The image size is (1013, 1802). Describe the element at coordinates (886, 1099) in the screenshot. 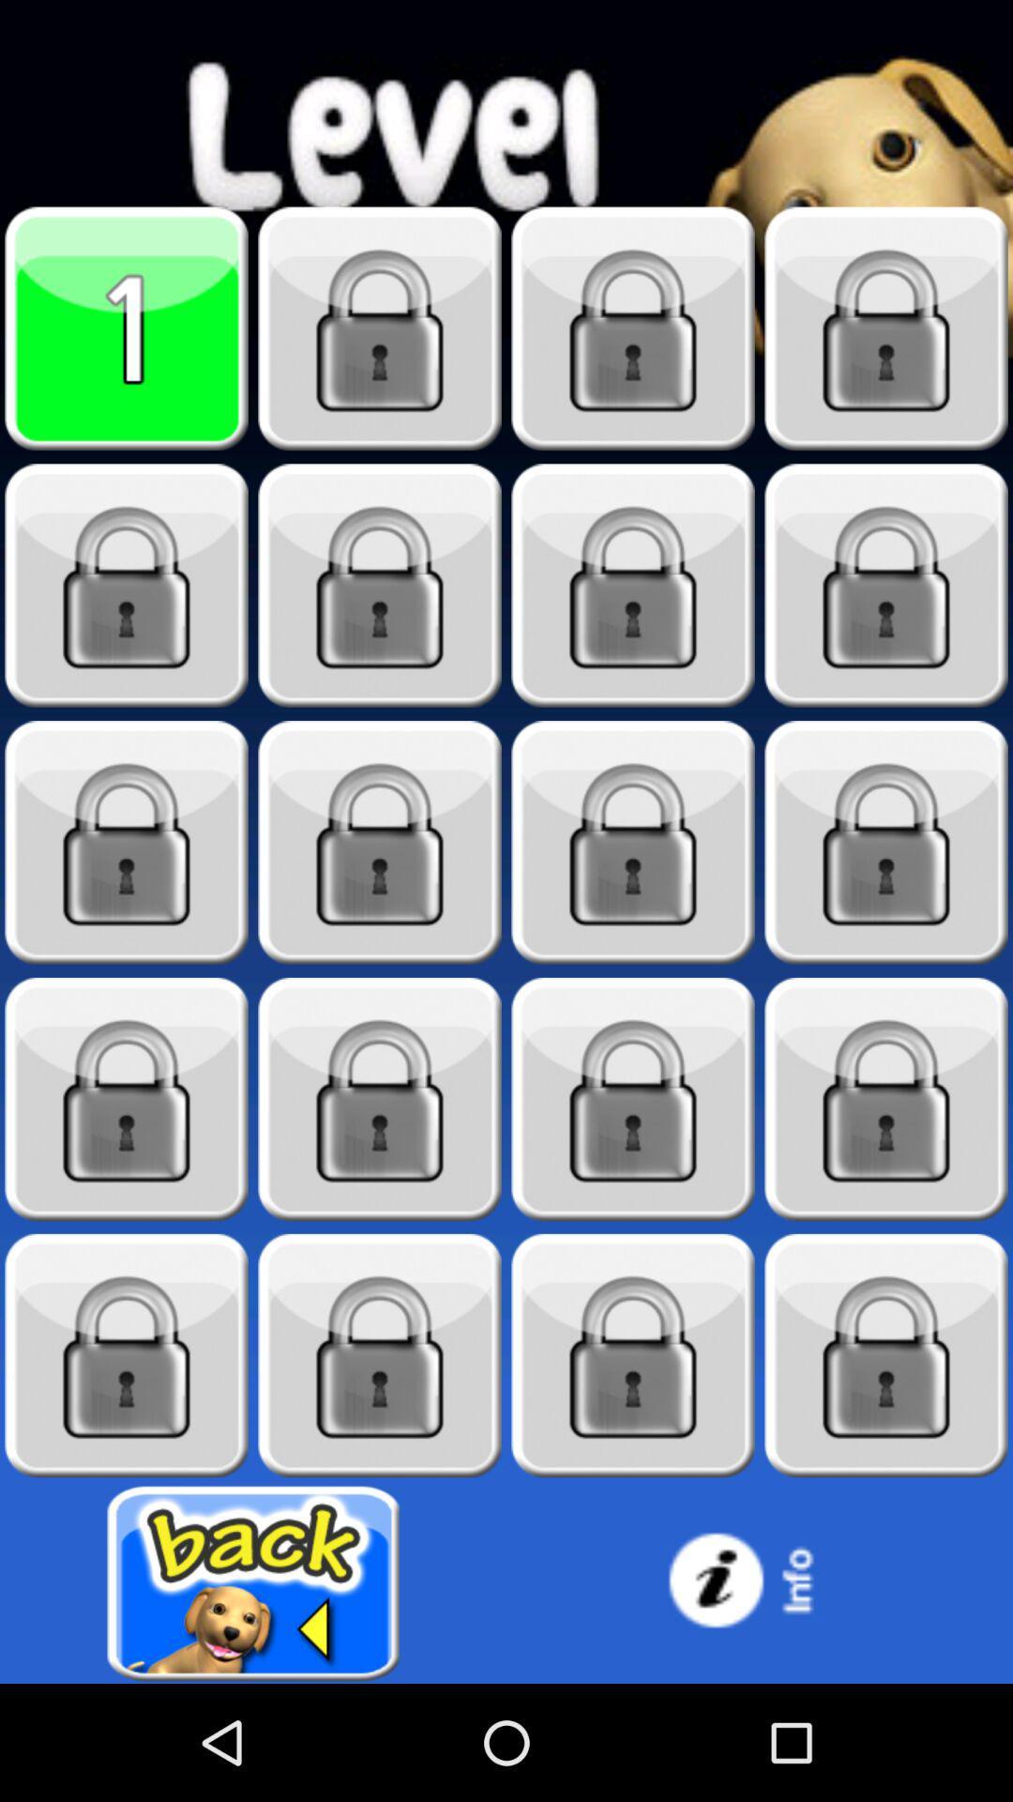

I see `unlock level 16` at that location.